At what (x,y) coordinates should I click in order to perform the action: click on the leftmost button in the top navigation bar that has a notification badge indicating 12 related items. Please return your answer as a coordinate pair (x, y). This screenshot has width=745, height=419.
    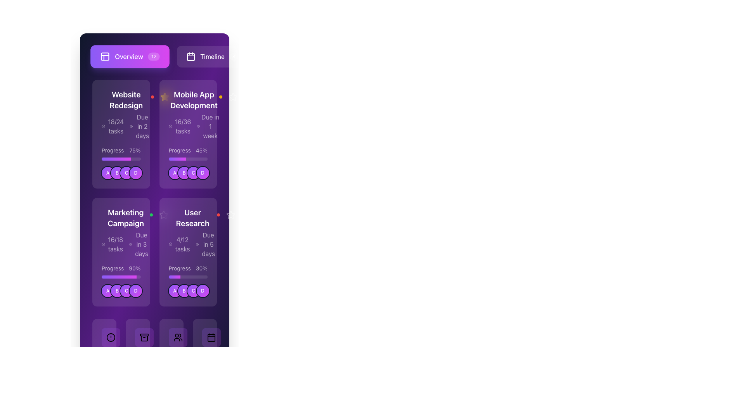
    Looking at the image, I should click on (154, 56).